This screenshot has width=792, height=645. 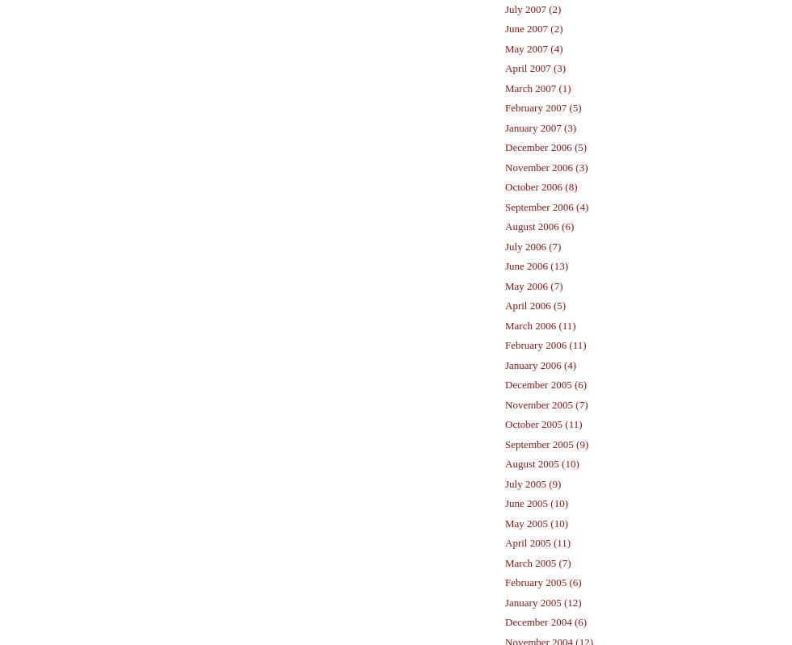 I want to click on 'June 2006 (13)', so click(x=505, y=266).